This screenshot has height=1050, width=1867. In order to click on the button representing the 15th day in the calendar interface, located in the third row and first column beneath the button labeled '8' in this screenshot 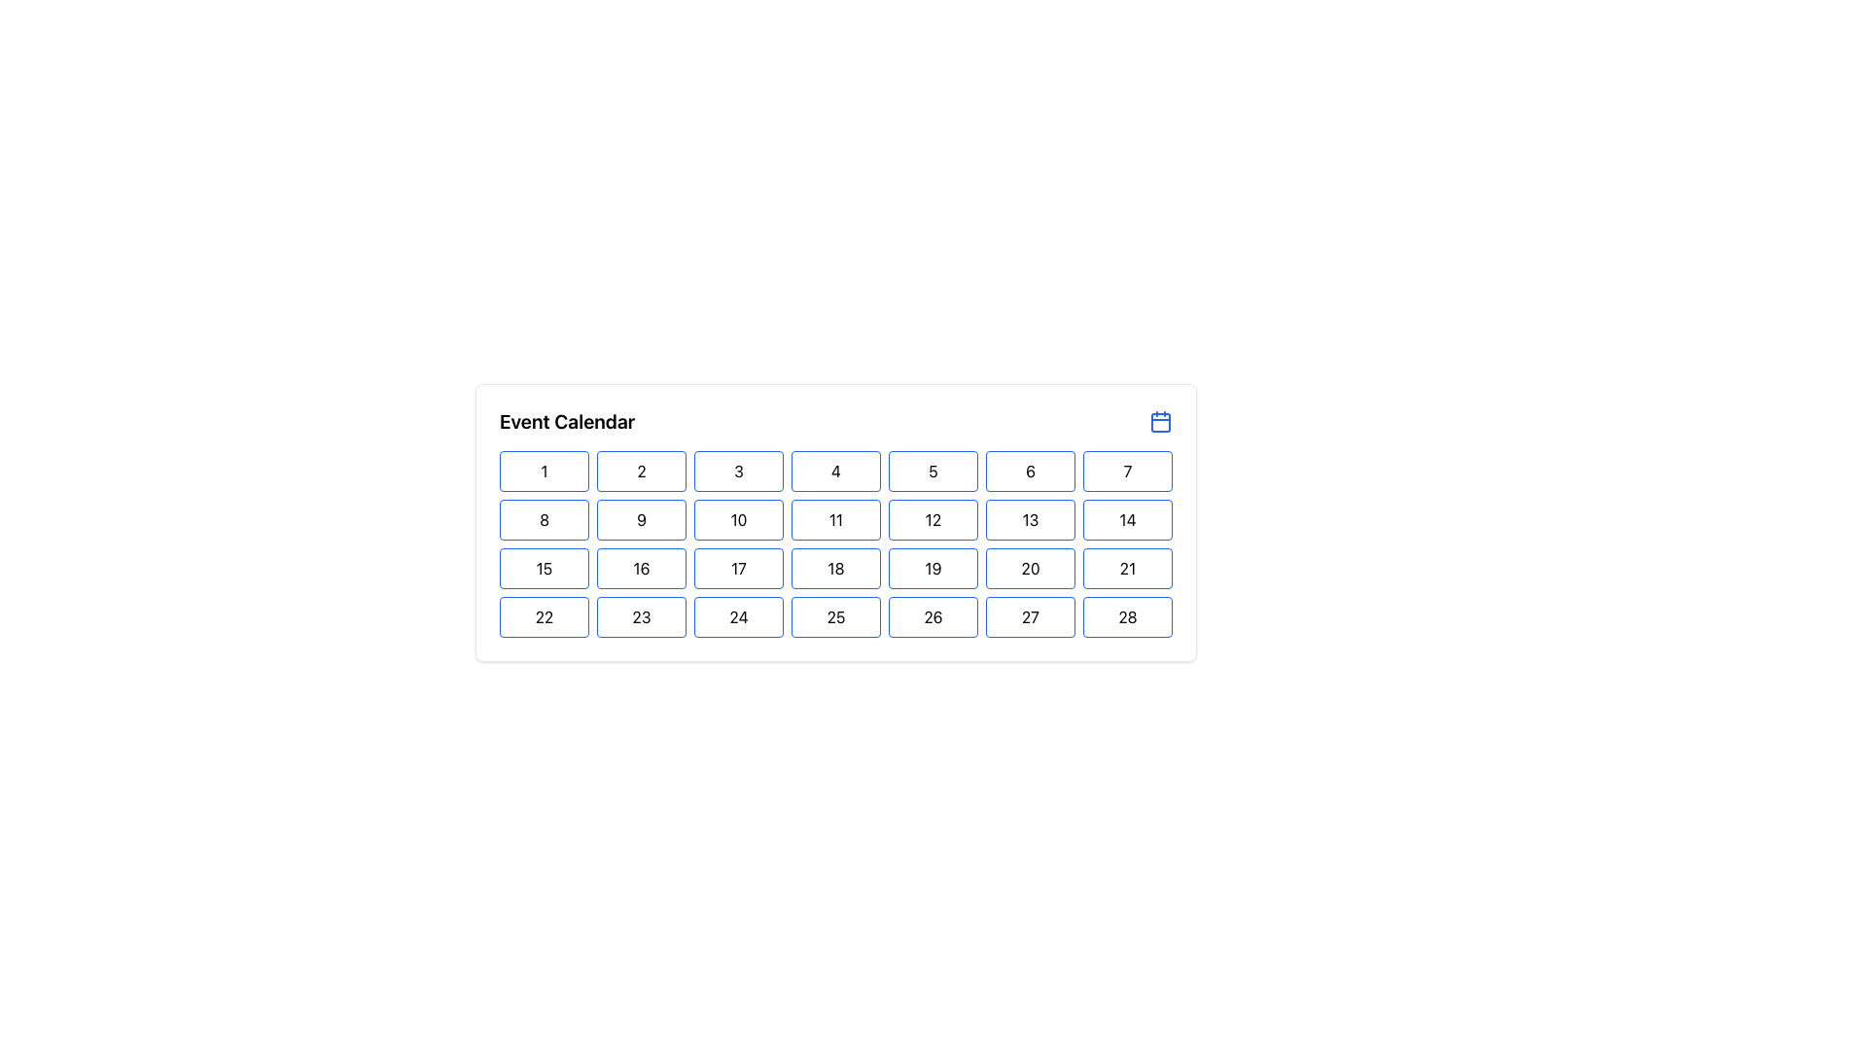, I will do `click(545, 569)`.